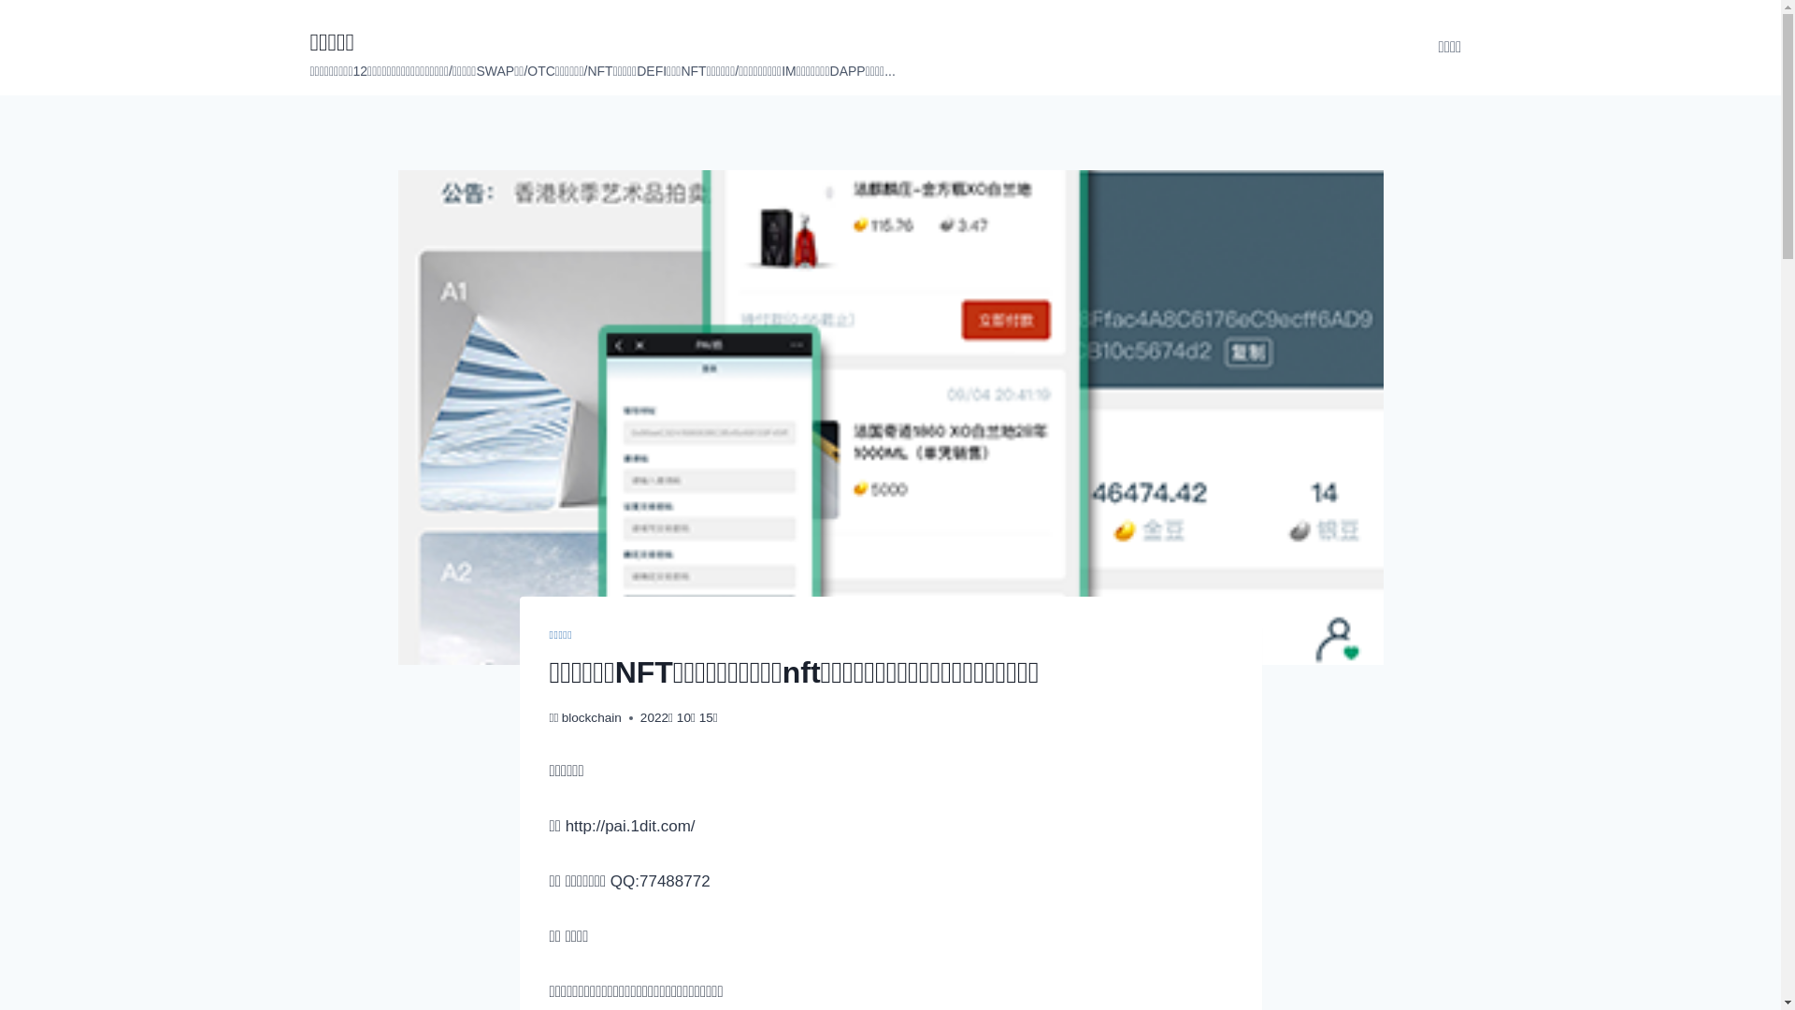  Describe the element at coordinates (591, 716) in the screenshot. I see `'blockchain'` at that location.